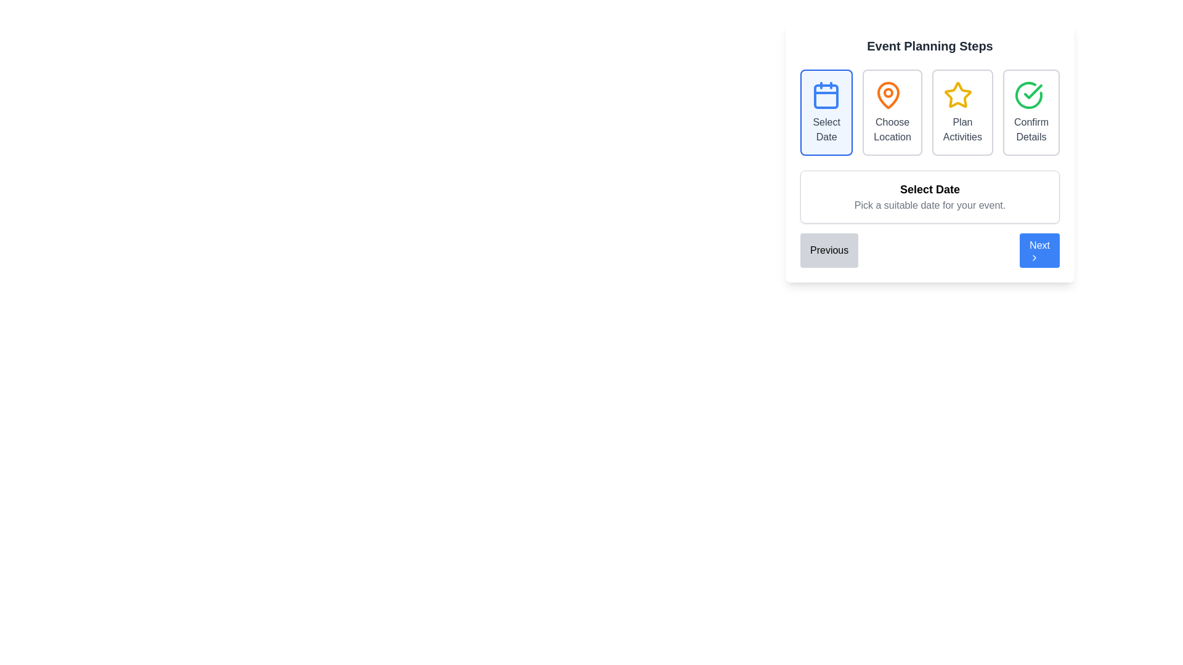 The width and height of the screenshot is (1183, 665). Describe the element at coordinates (892, 112) in the screenshot. I see `the interactive button located in the second position from the left in a row of four buttons, which is to the right of the 'Select Date' box and to the left of the 'Plan Activities' box` at that location.